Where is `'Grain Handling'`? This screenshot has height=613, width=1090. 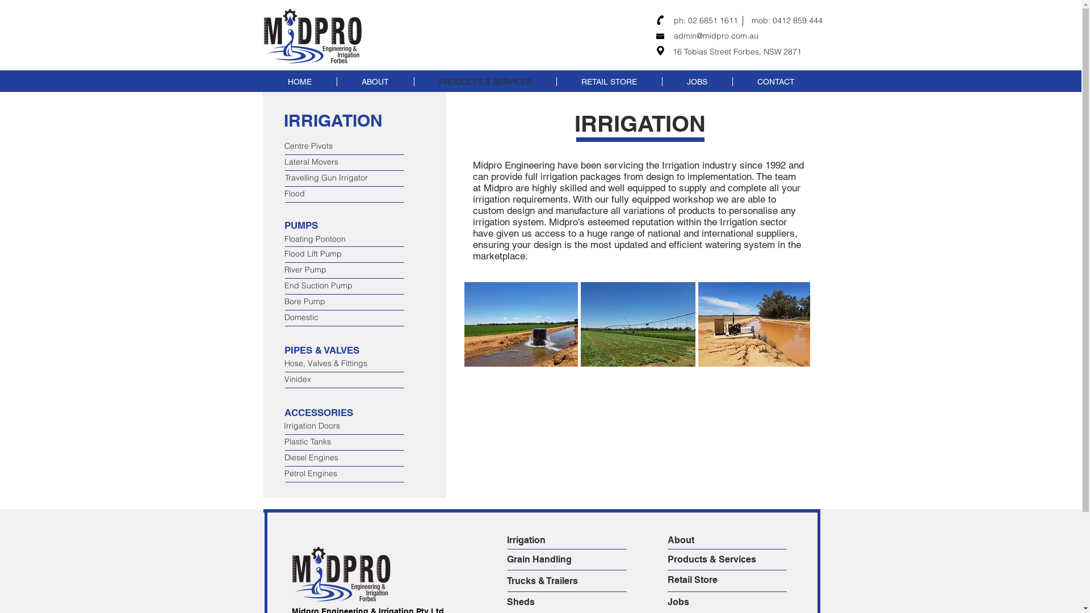
'Grain Handling' is located at coordinates (547, 559).